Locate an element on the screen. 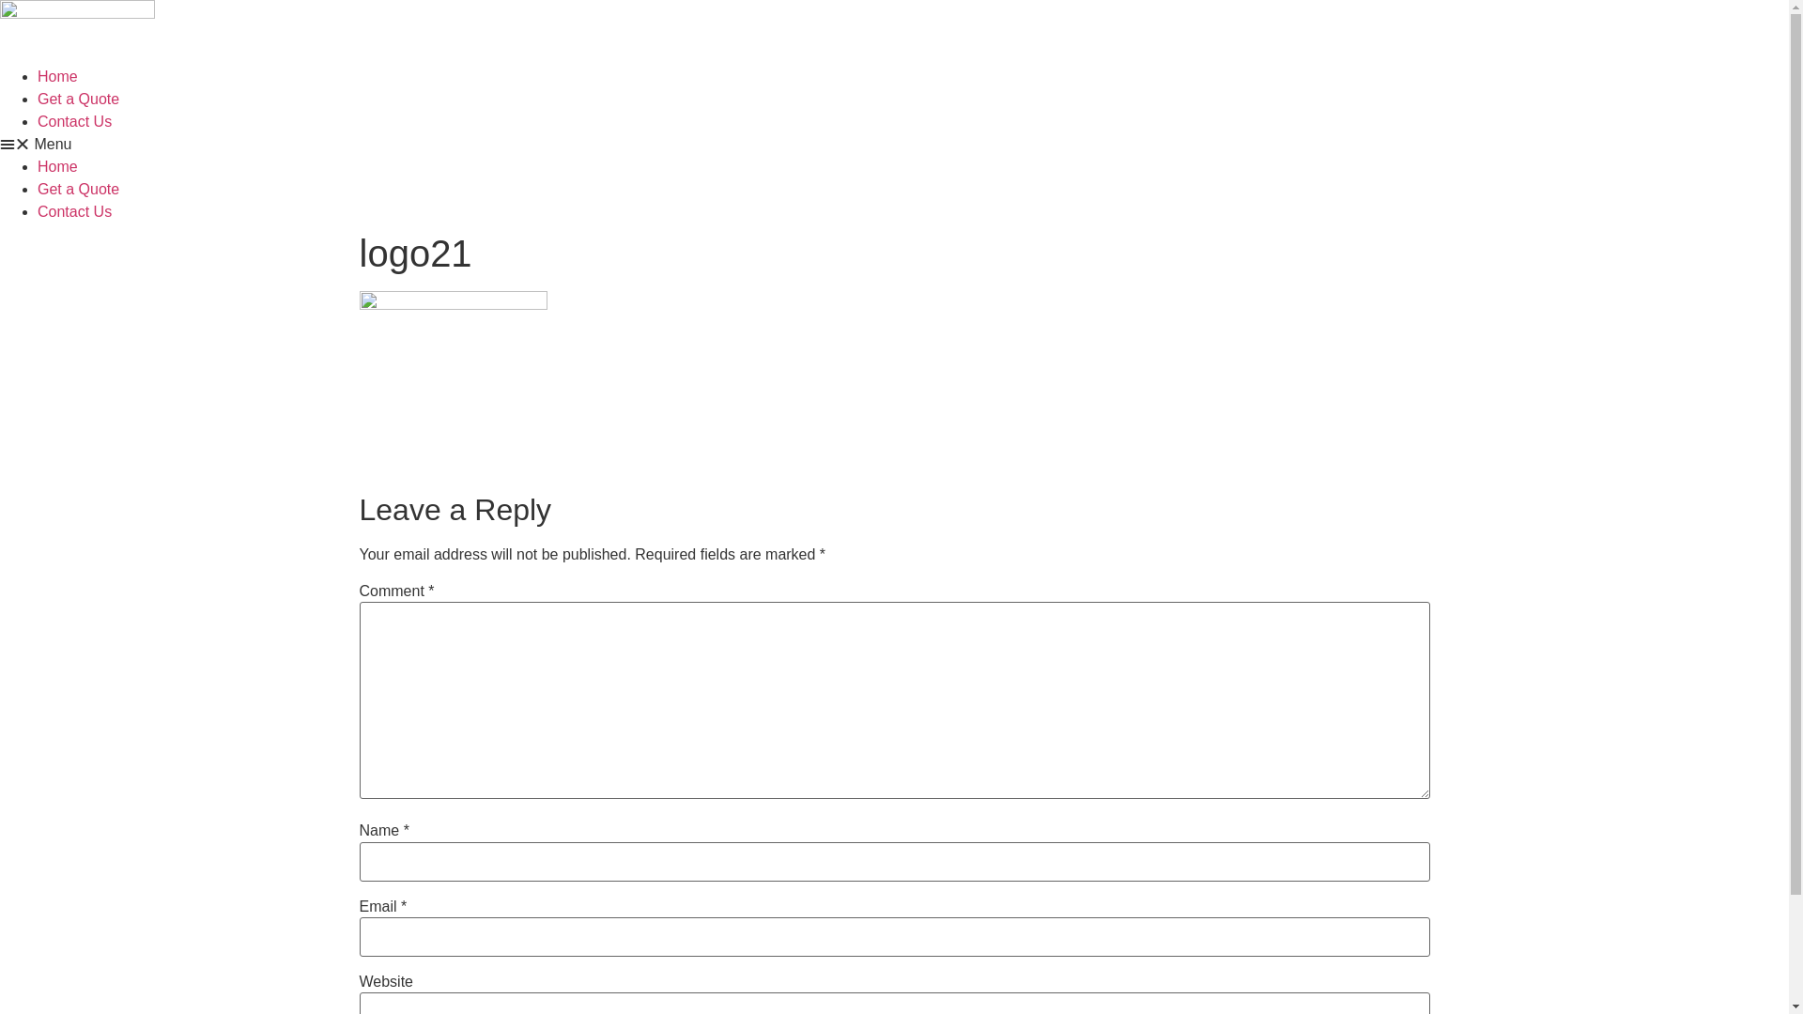 This screenshot has width=1803, height=1014. 'Contact Us' is located at coordinates (74, 121).